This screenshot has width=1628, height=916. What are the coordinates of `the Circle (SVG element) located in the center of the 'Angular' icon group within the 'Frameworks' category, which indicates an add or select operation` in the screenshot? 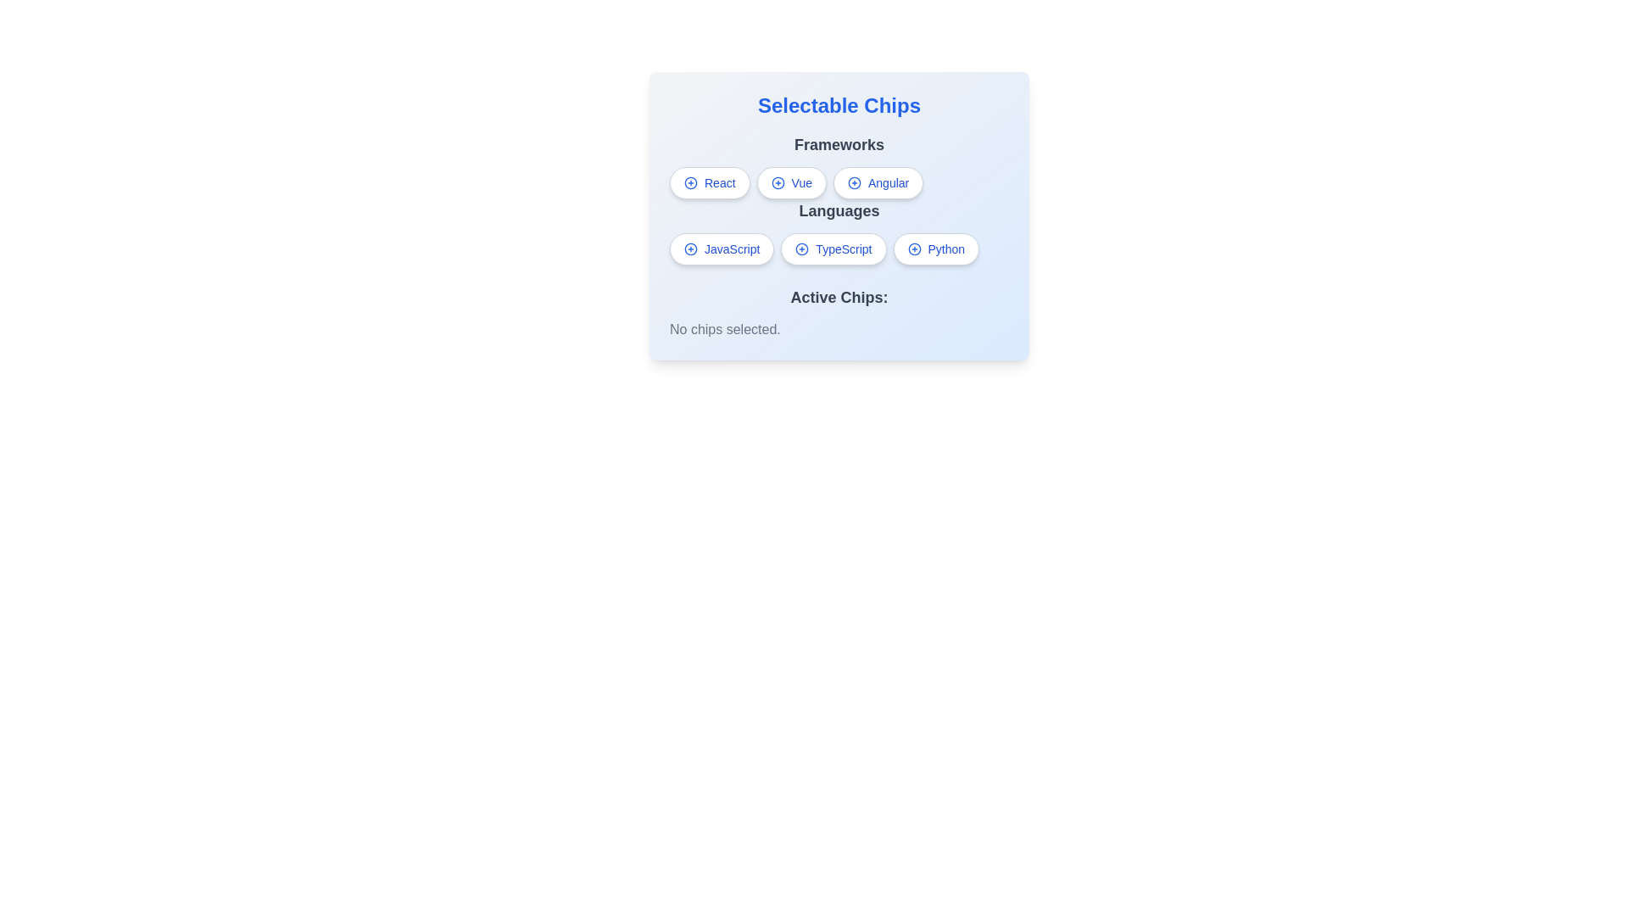 It's located at (855, 183).